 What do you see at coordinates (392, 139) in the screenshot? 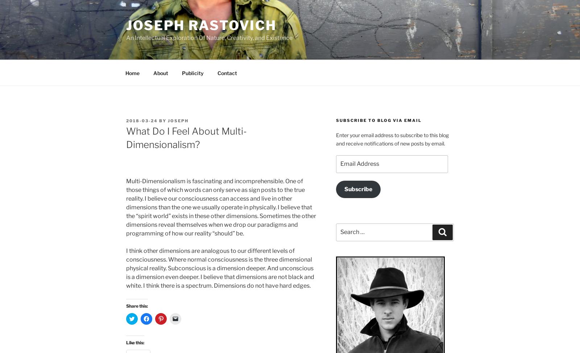
I see `'Enter your email address to subscribe to this blog and receive notifications of new posts by email.'` at bounding box center [392, 139].